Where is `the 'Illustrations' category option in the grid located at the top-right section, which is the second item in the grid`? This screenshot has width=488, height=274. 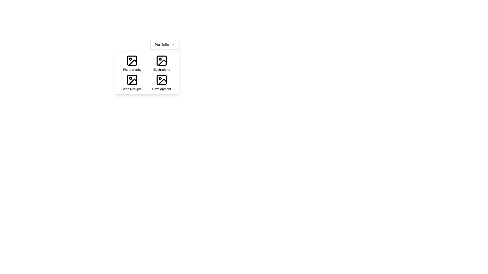 the 'Illustrations' category option in the grid located at the top-right section, which is the second item in the grid is located at coordinates (161, 63).